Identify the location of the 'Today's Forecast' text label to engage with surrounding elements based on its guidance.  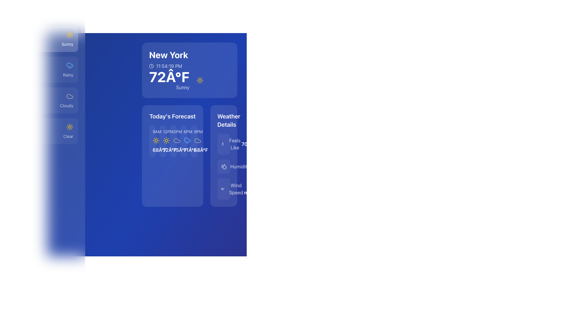
(172, 116).